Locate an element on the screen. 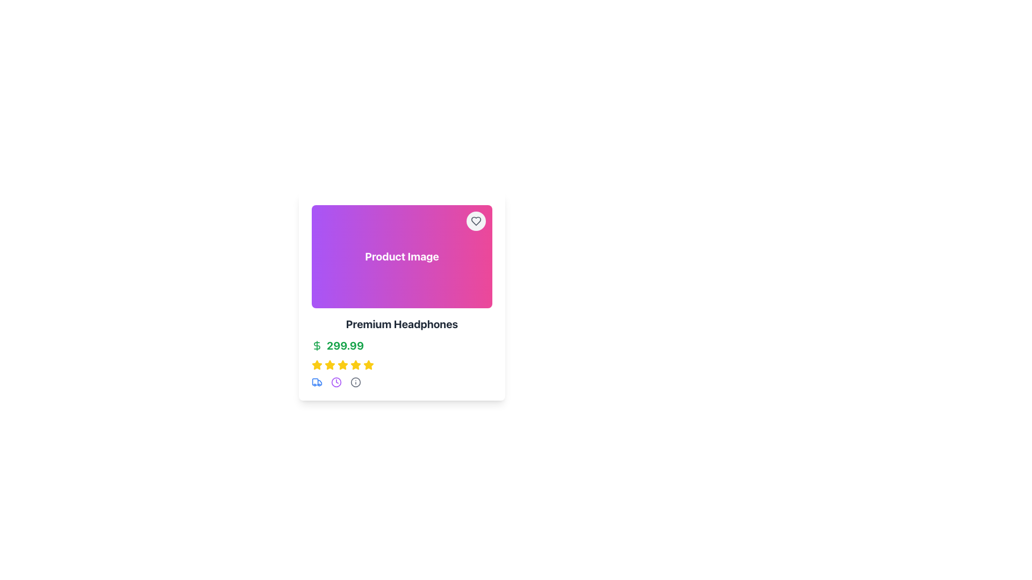 Image resolution: width=1032 pixels, height=580 pixels. the small blue truck icon that indicates 'Free 2-day shipping available', positioned below the product image and title is located at coordinates (317, 382).